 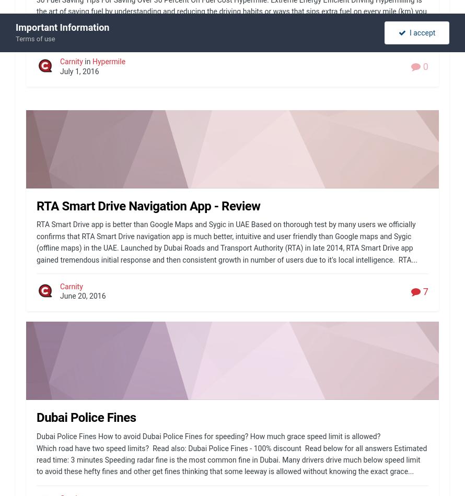 What do you see at coordinates (420, 32) in the screenshot?
I see `'I accept'` at bounding box center [420, 32].